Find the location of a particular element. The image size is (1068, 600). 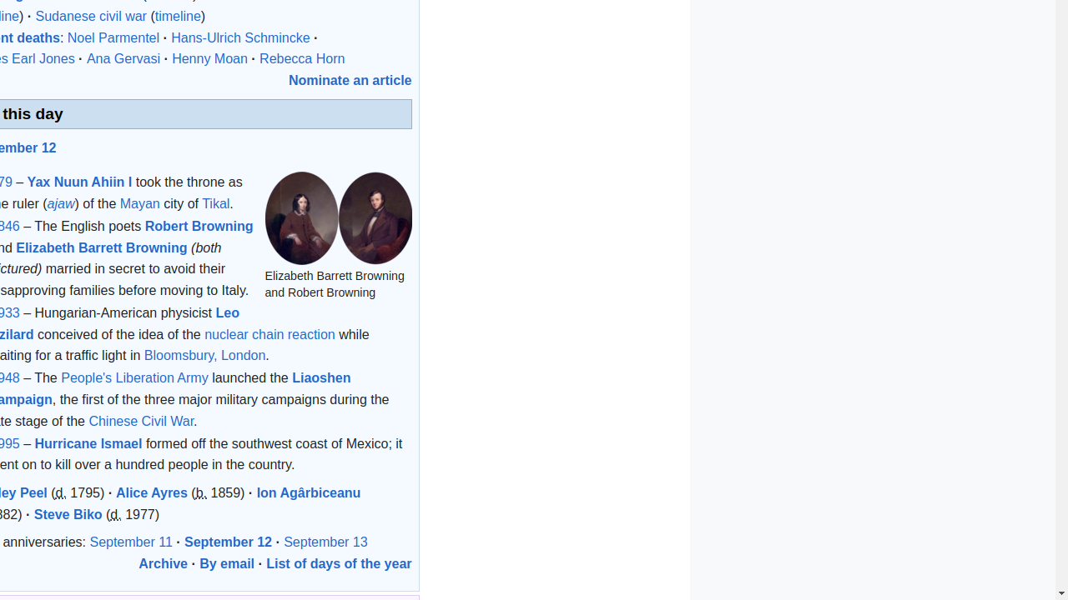

'List of days of the year' is located at coordinates (338, 562).